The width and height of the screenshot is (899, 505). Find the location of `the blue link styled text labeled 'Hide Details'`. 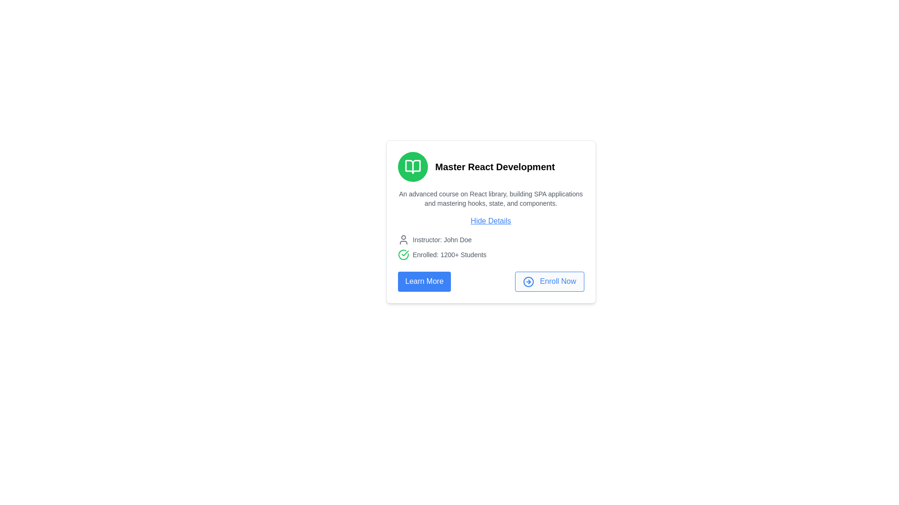

the blue link styled text labeled 'Hide Details' is located at coordinates (490, 221).